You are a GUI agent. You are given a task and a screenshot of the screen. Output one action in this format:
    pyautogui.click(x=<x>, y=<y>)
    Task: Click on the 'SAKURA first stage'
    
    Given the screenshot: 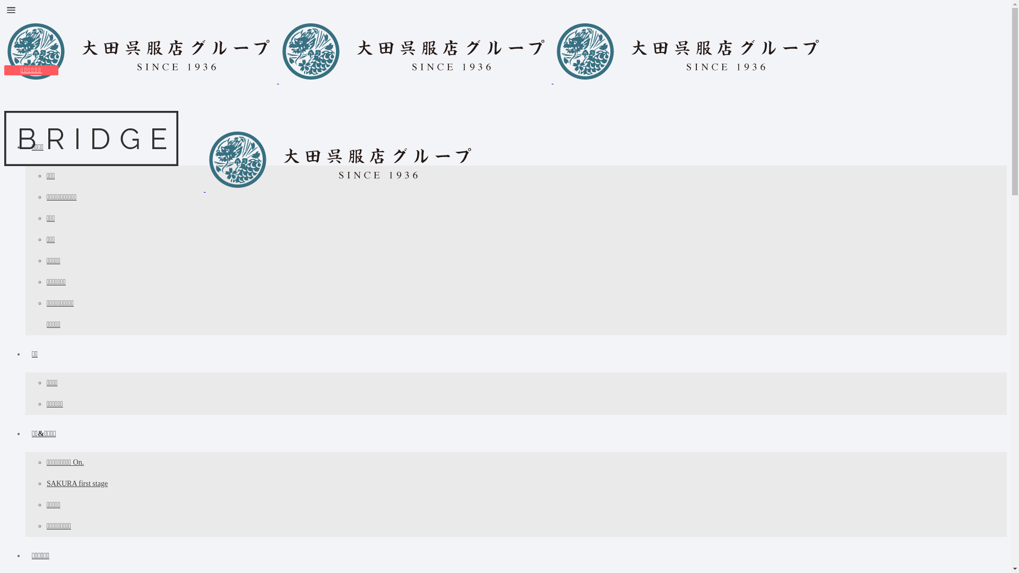 What is the action you would take?
    pyautogui.click(x=76, y=483)
    